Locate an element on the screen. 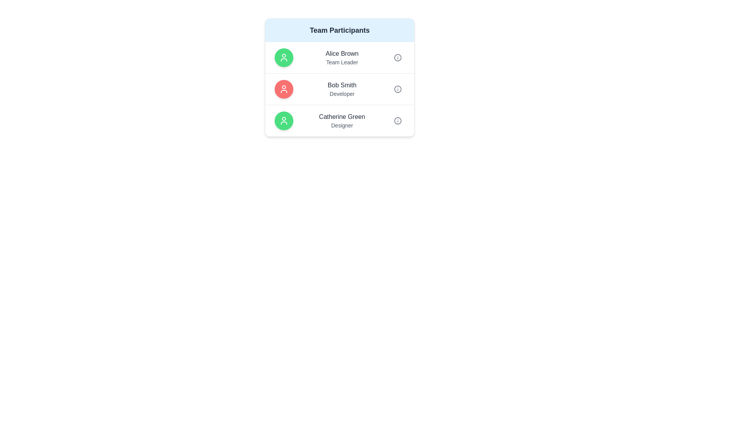 This screenshot has width=749, height=421. the Text Label Element displaying 'Bob Smith' and 'Developer' in the 'Team Participants' section, which is the second entry in the list is located at coordinates (342, 88).